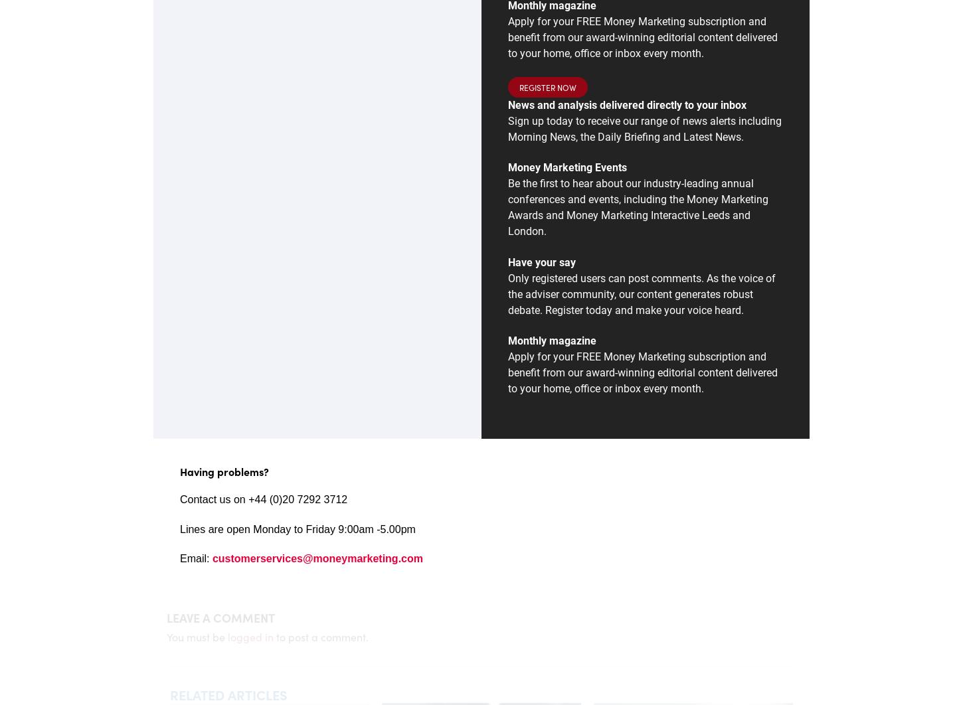 This screenshot has height=705, width=963. Describe the element at coordinates (357, 307) in the screenshot. I see `'Asked by the chair to rate transparency in the industry out of ten Opperman gave it an eight, saying it had “the potential to do more.”'` at that location.